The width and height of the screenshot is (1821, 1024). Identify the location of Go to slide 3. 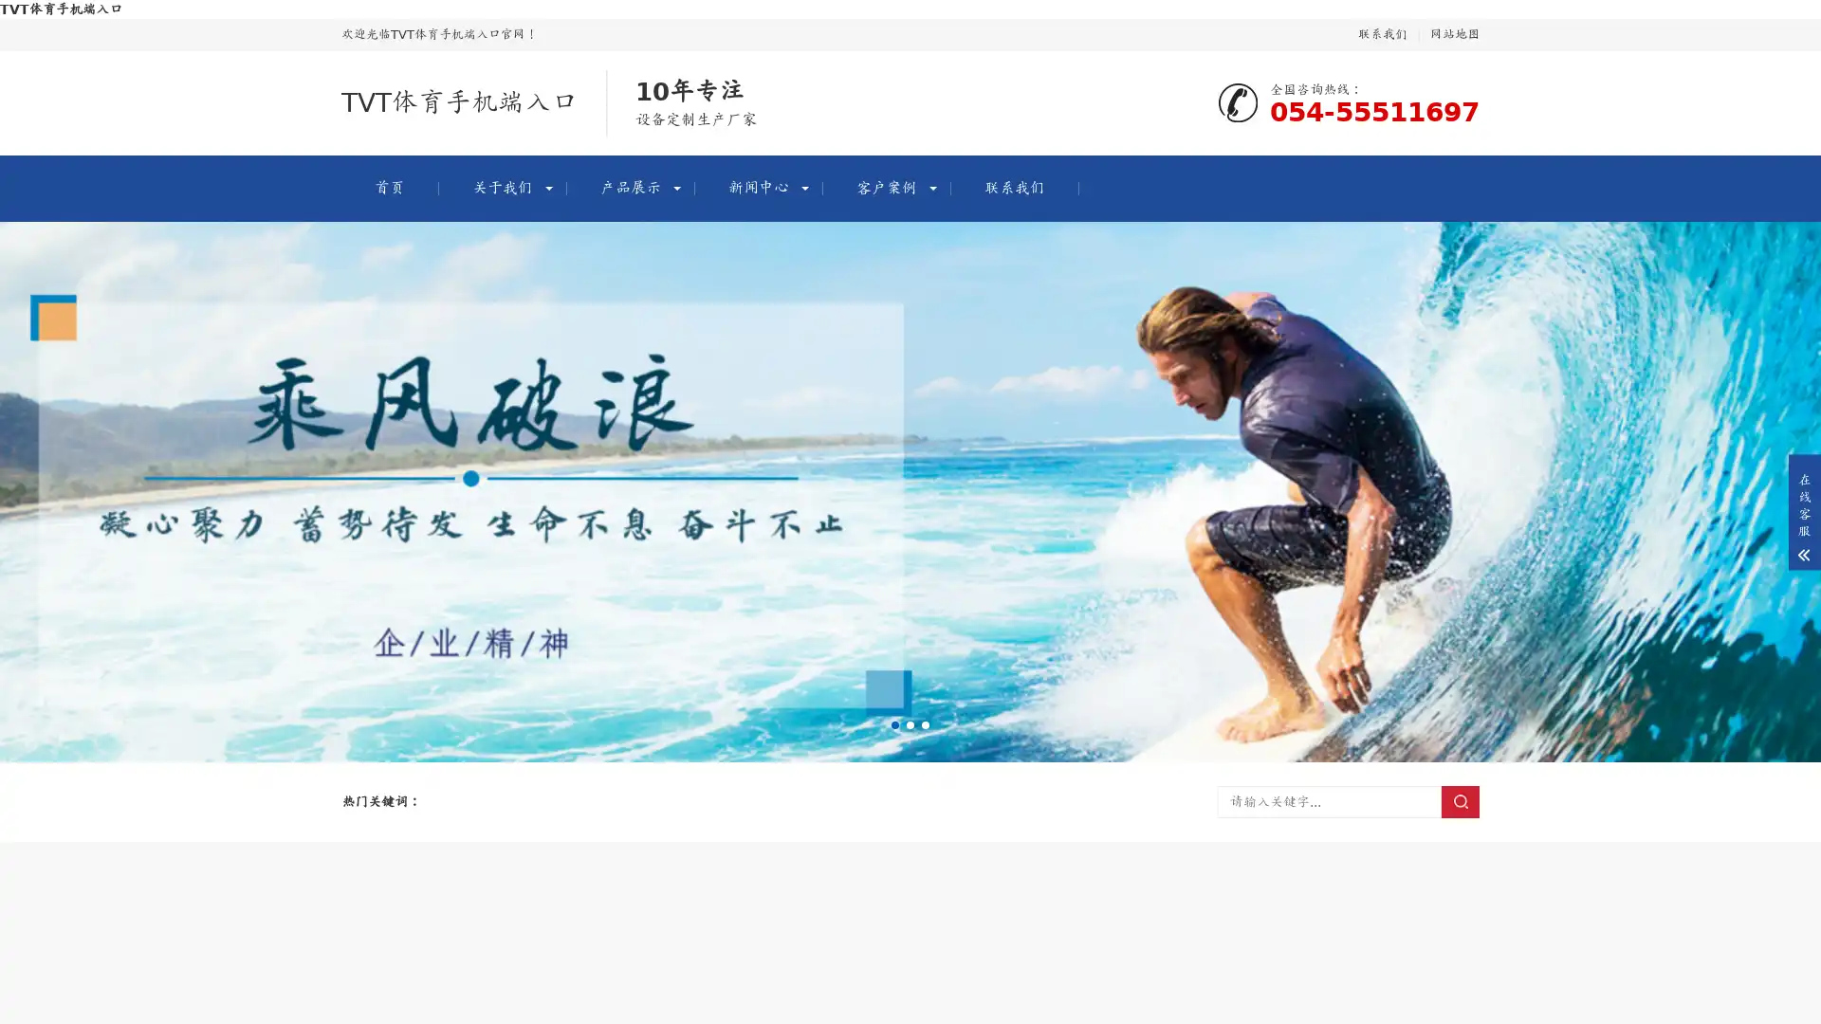
(925, 724).